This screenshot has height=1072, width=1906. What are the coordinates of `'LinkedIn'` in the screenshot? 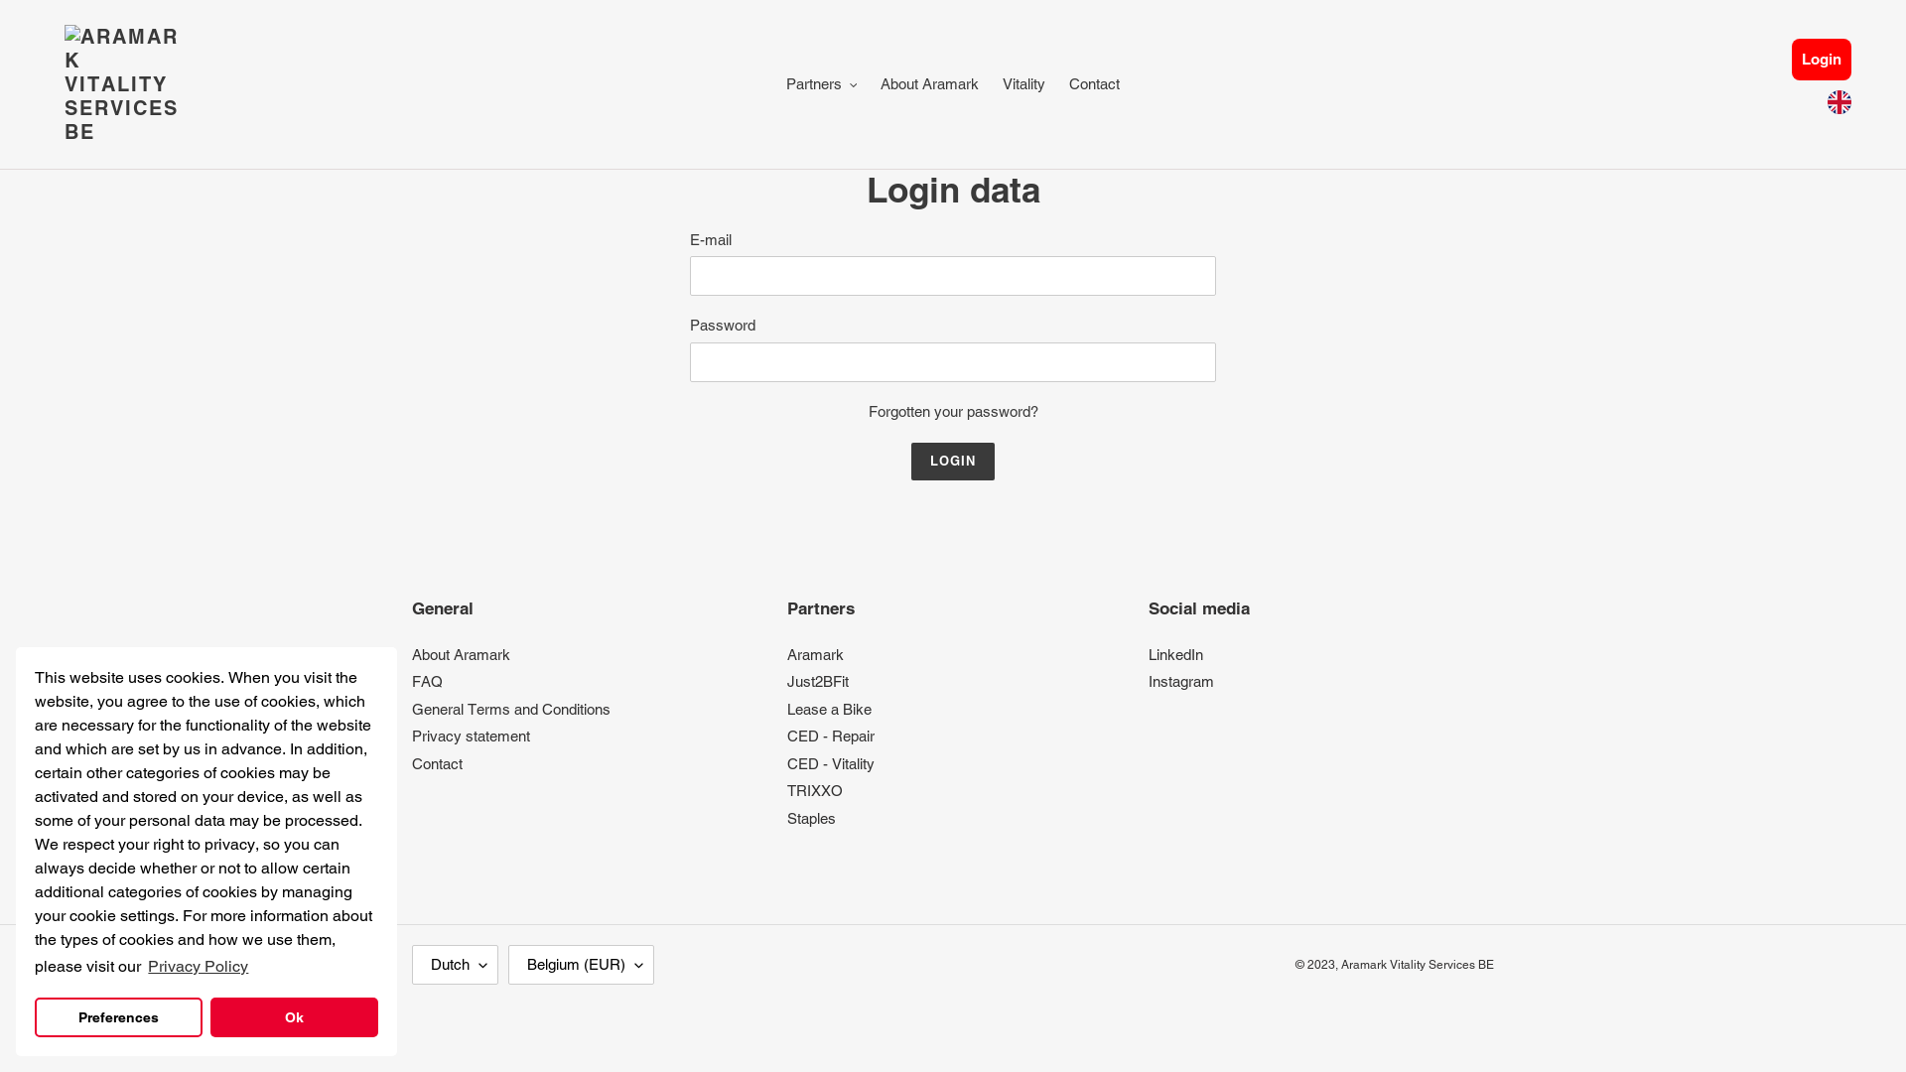 It's located at (1175, 654).